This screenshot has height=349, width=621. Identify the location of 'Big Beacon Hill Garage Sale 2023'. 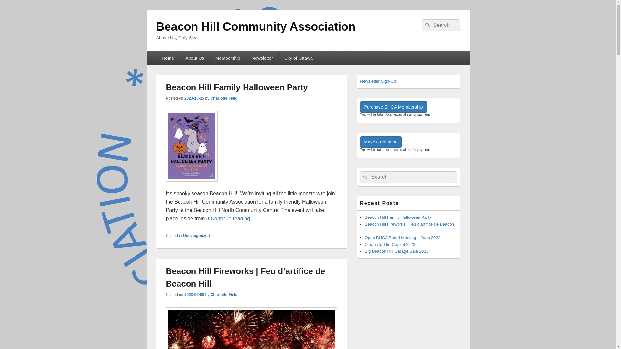
(396, 251).